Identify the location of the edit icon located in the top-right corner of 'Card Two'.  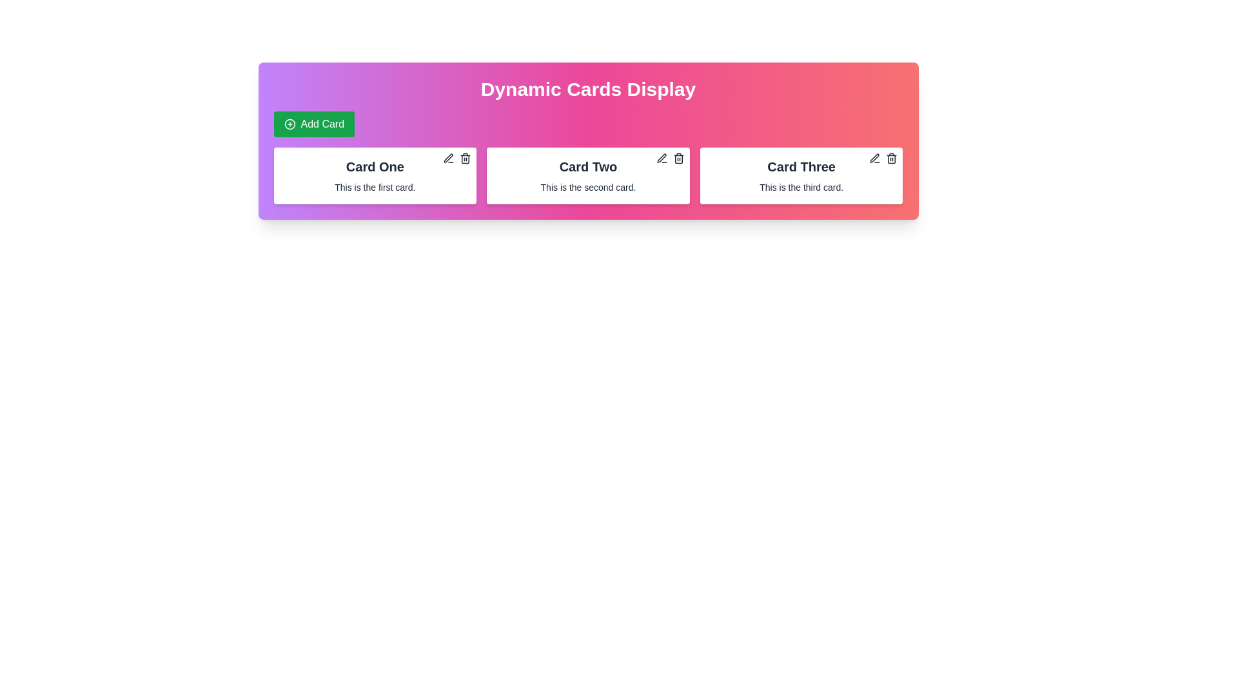
(670, 158).